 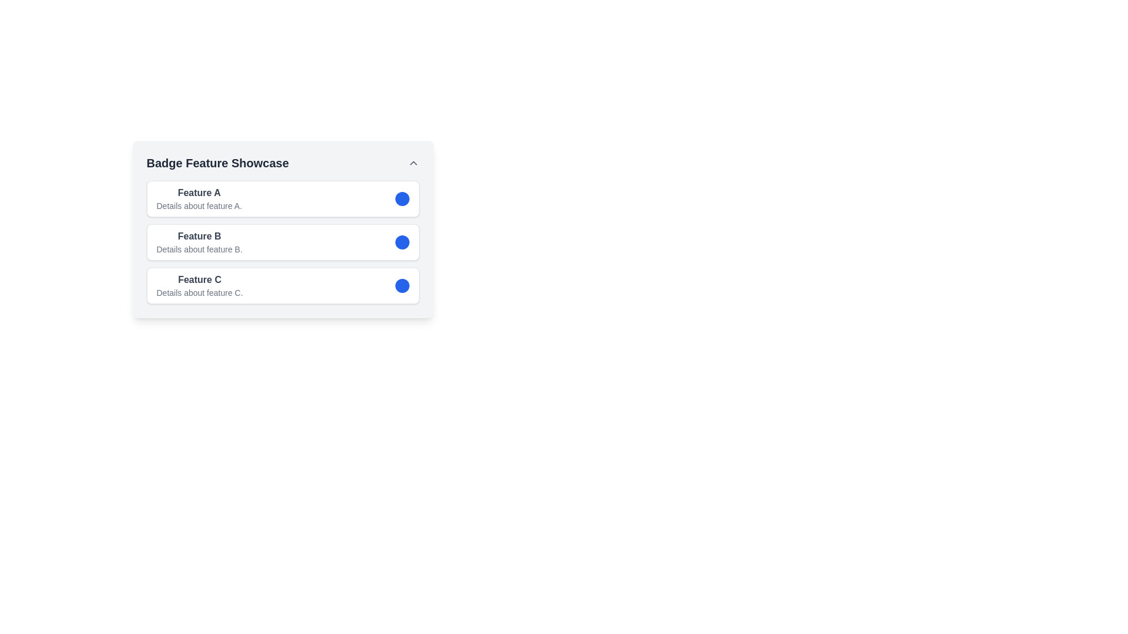 What do you see at coordinates (283, 163) in the screenshot?
I see `the Dropdown header` at bounding box center [283, 163].